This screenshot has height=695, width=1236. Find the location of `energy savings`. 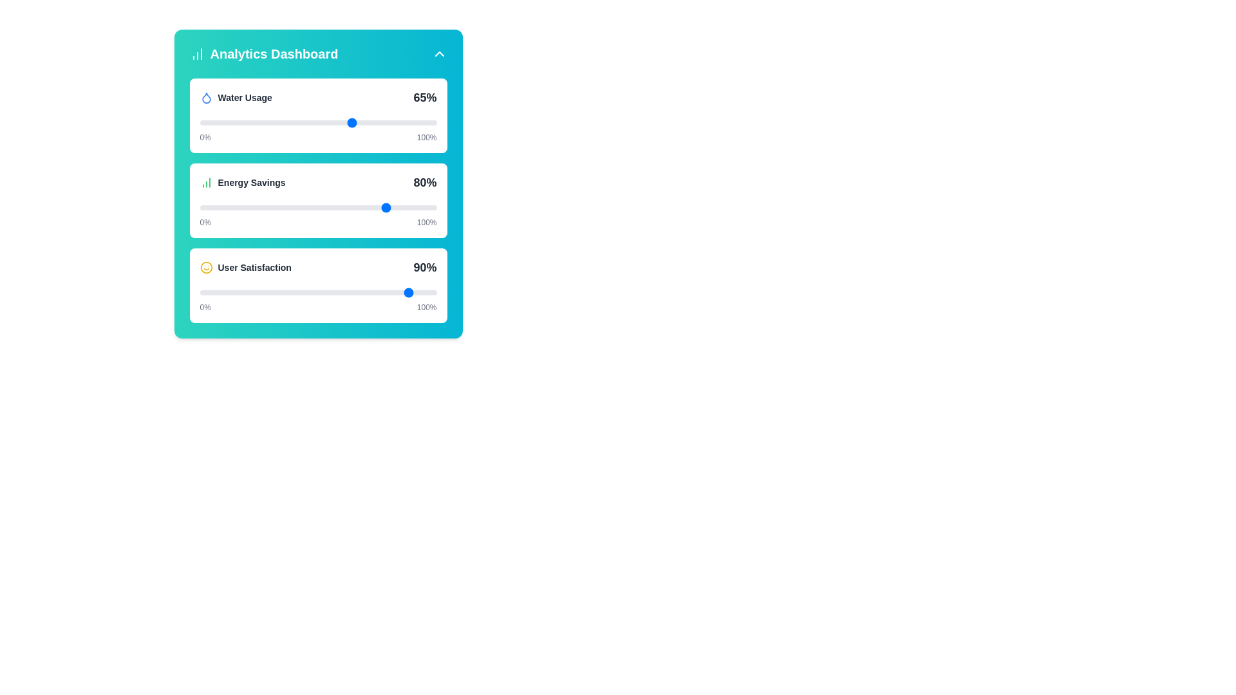

energy savings is located at coordinates (374, 207).